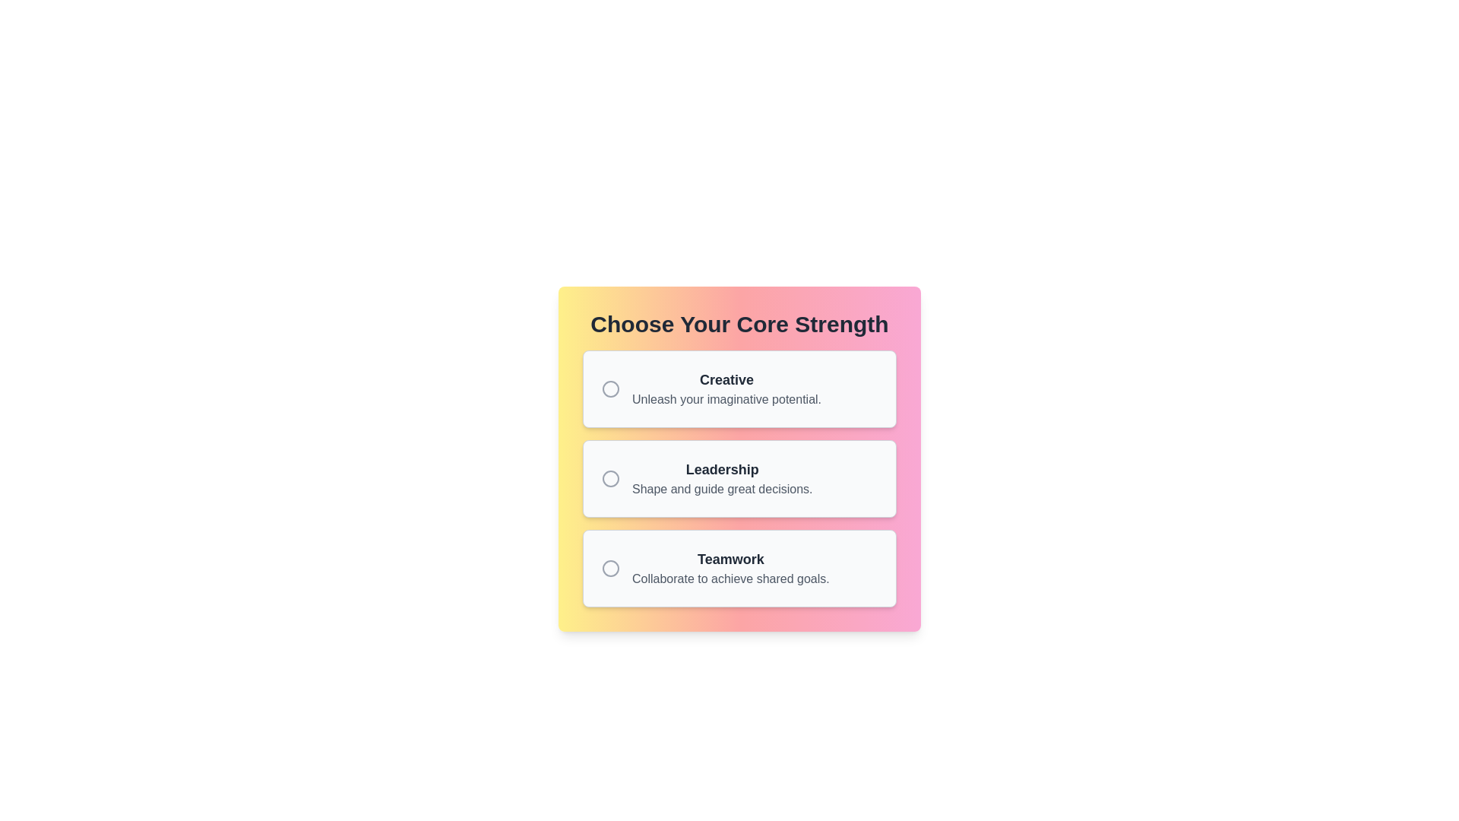  What do you see at coordinates (611, 388) in the screenshot?
I see `the first circular icon styled in gray, located to the left of the text 'Creative' within the selection box under 'Choose Your Core Strength'` at bounding box center [611, 388].